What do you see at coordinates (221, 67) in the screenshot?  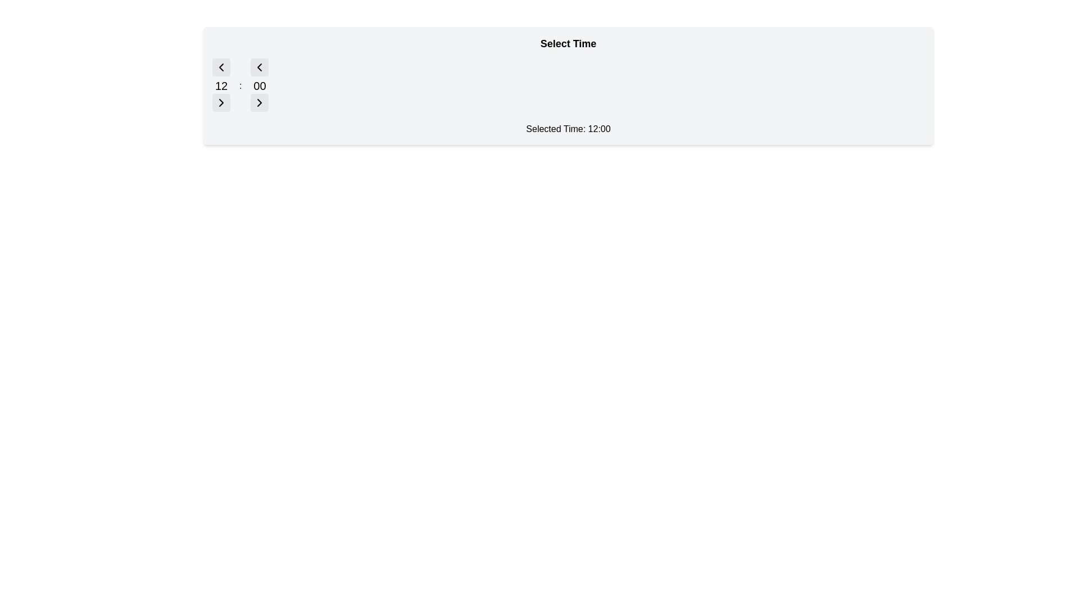 I see `the leftmost chevron icon button used to decrease the hour value in the time selector to change its background color` at bounding box center [221, 67].